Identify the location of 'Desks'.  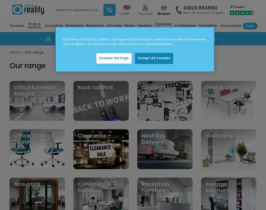
(124, 25).